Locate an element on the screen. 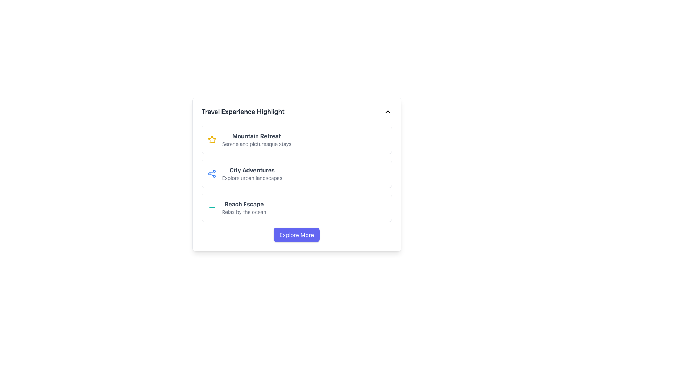 The width and height of the screenshot is (696, 391). text element titled 'City Adventures' which includes the subtitle 'Explore urban landscapes', located in the second card of a vertical list is located at coordinates (252, 173).